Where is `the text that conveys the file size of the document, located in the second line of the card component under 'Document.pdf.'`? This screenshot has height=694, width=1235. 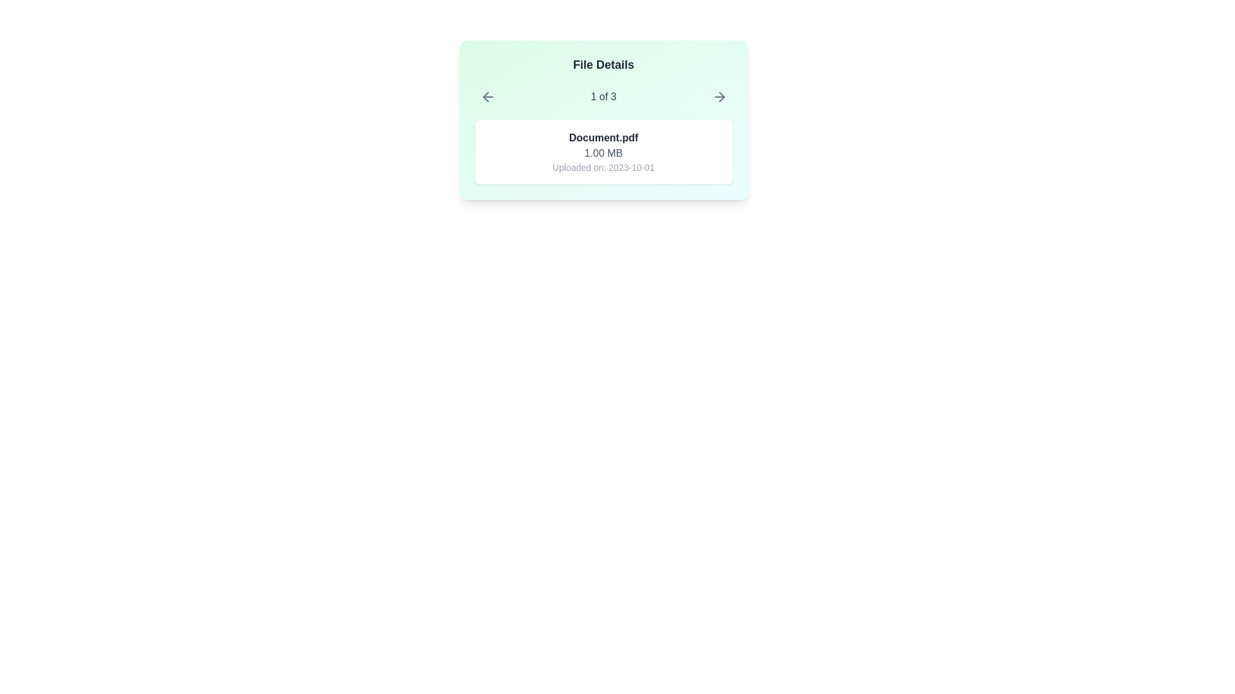 the text that conveys the file size of the document, located in the second line of the card component under 'Document.pdf.' is located at coordinates (603, 153).